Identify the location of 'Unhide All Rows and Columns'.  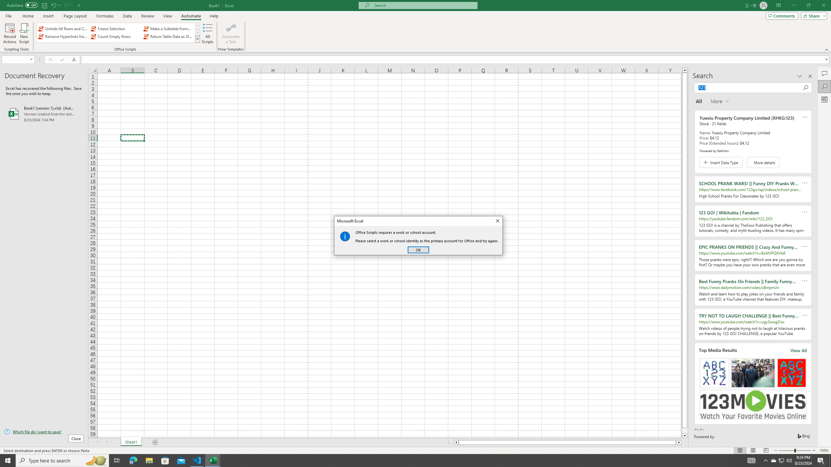
(63, 29).